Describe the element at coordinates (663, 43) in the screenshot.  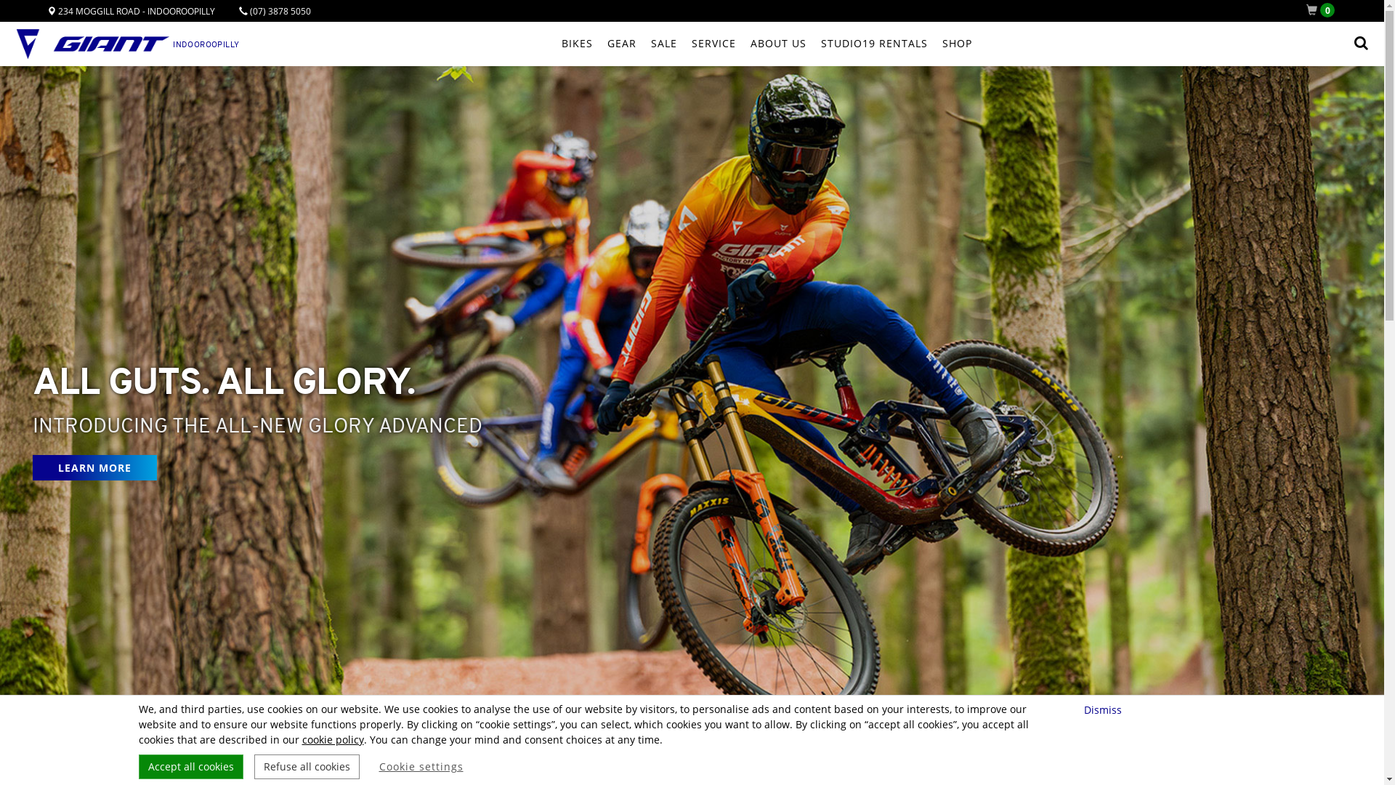
I see `'SALE'` at that location.